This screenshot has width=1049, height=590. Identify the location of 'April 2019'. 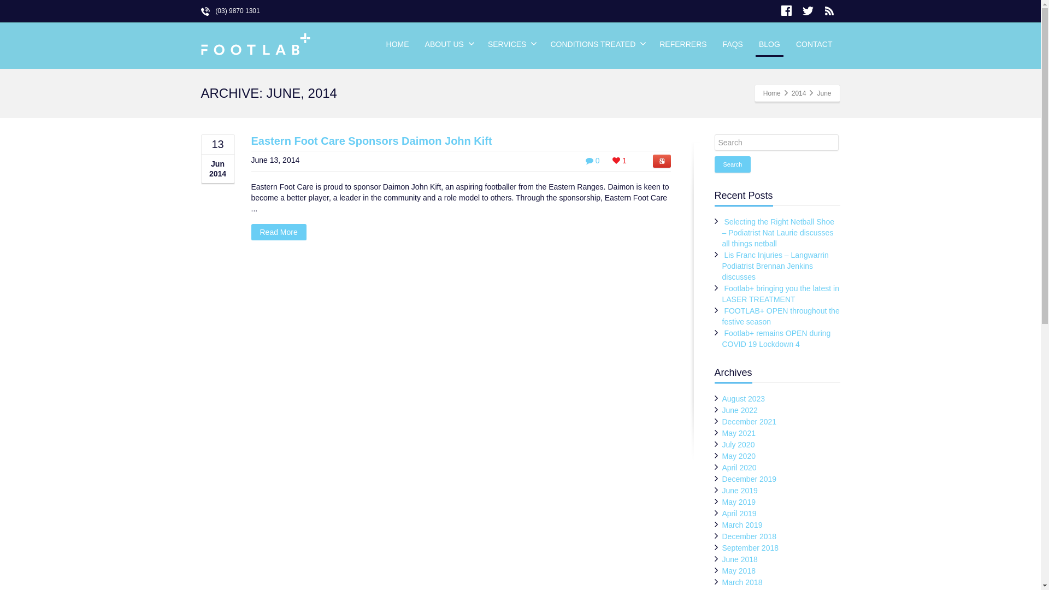
(739, 514).